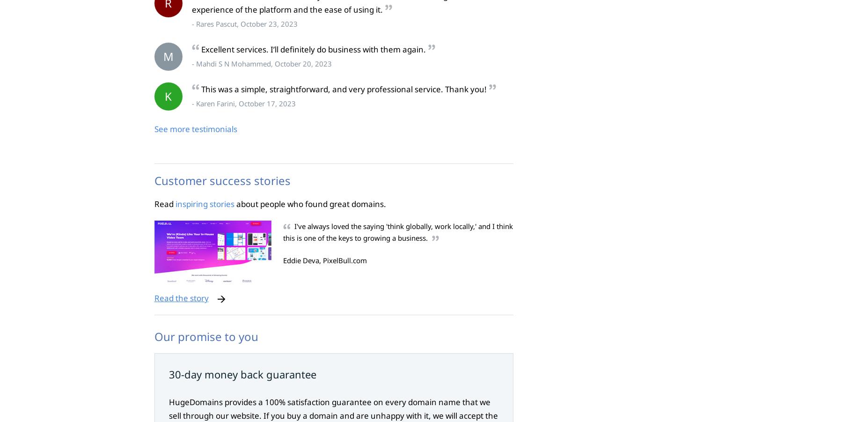 Image resolution: width=856 pixels, height=422 pixels. I want to click on '- Karen Farini, October 17, 2023', so click(243, 103).